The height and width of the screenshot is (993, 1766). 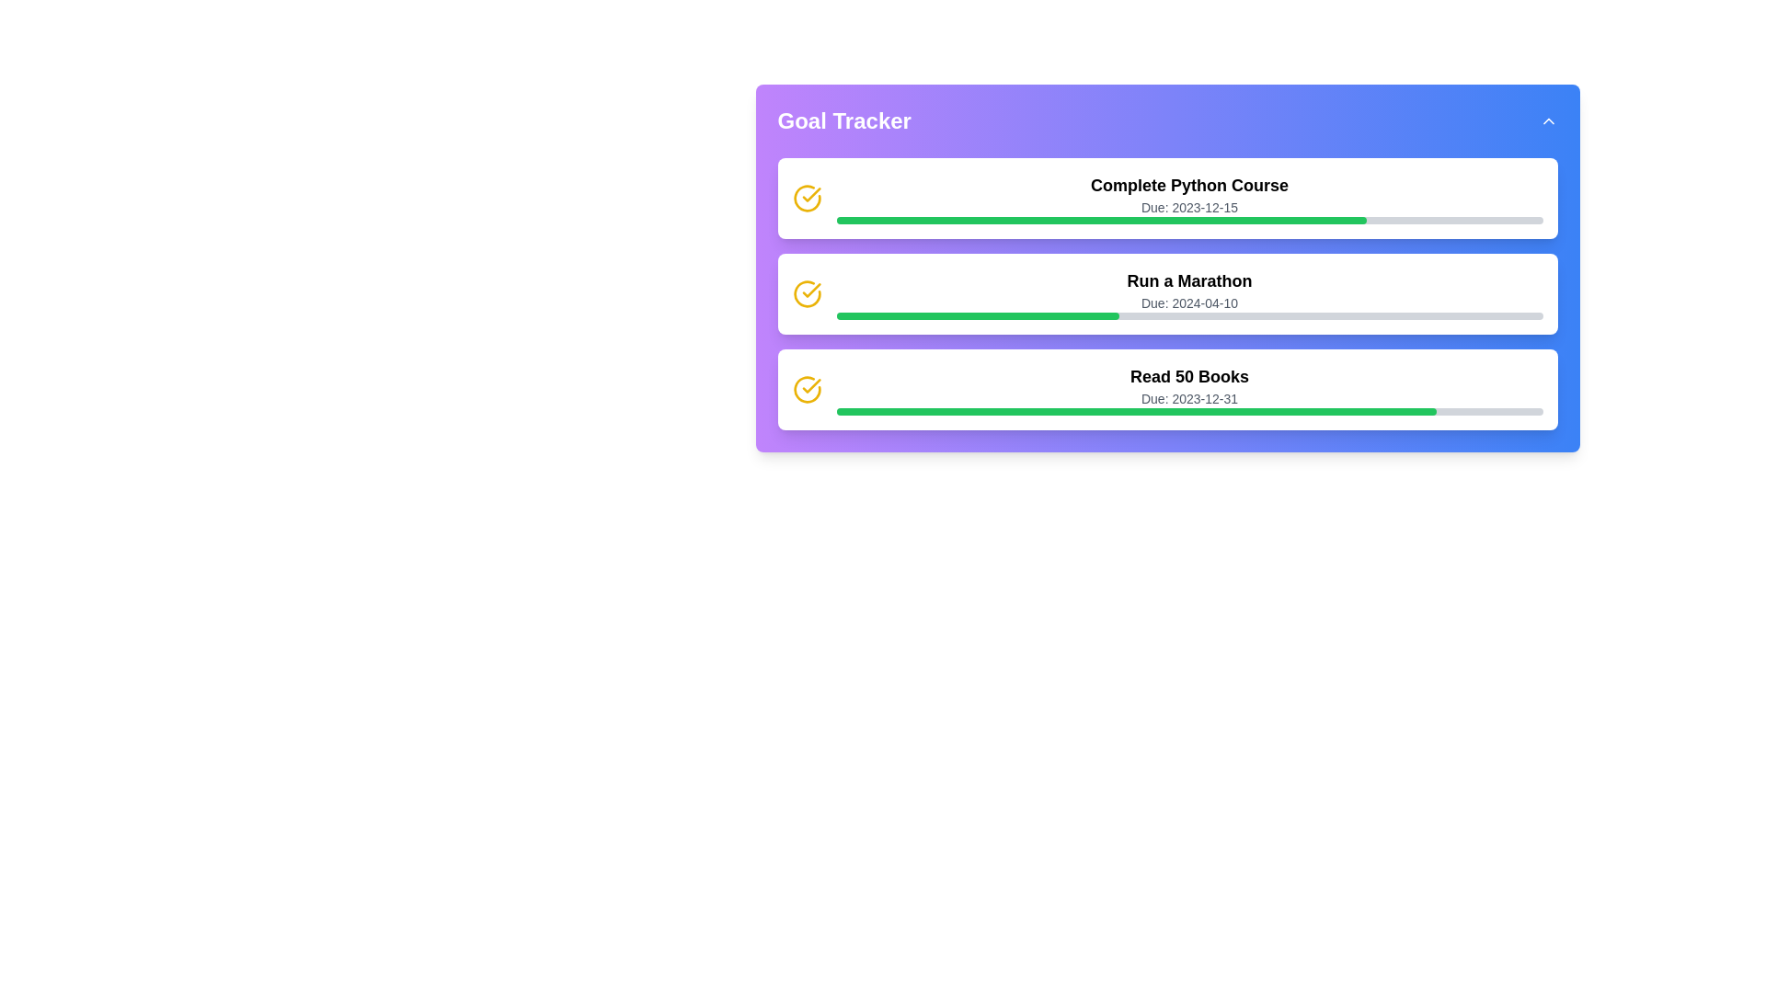 What do you see at coordinates (1166, 389) in the screenshot?
I see `the card component titled 'Read 50 Books' which has a white background, rounded corners, and a checkmark icon inside a yellow circle, located in the 'Goal Tracker' section` at bounding box center [1166, 389].